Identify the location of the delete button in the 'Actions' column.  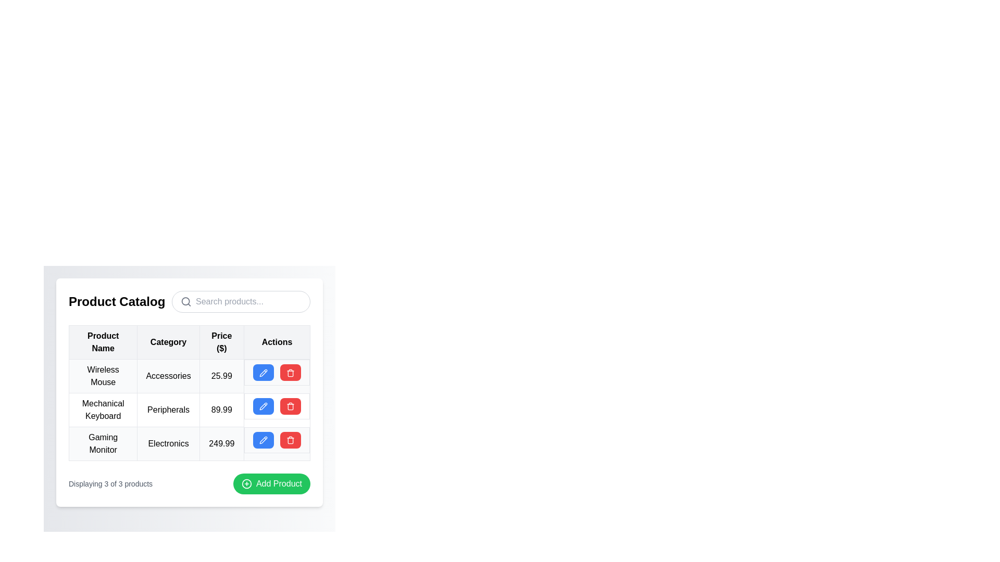
(290, 372).